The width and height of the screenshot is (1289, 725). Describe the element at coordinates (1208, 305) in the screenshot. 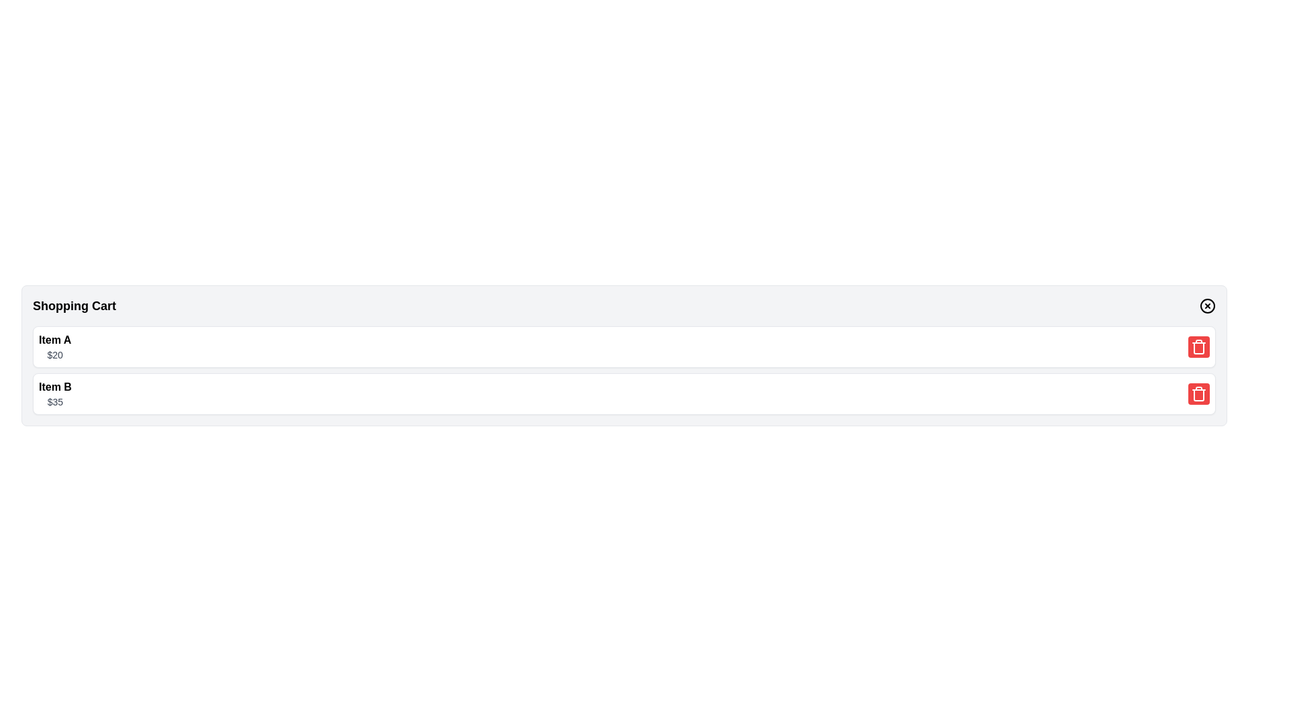

I see `the close button located in the top-right corner of the Shopping Cart header section to minimize or hide the Shopping Cart interface` at that location.